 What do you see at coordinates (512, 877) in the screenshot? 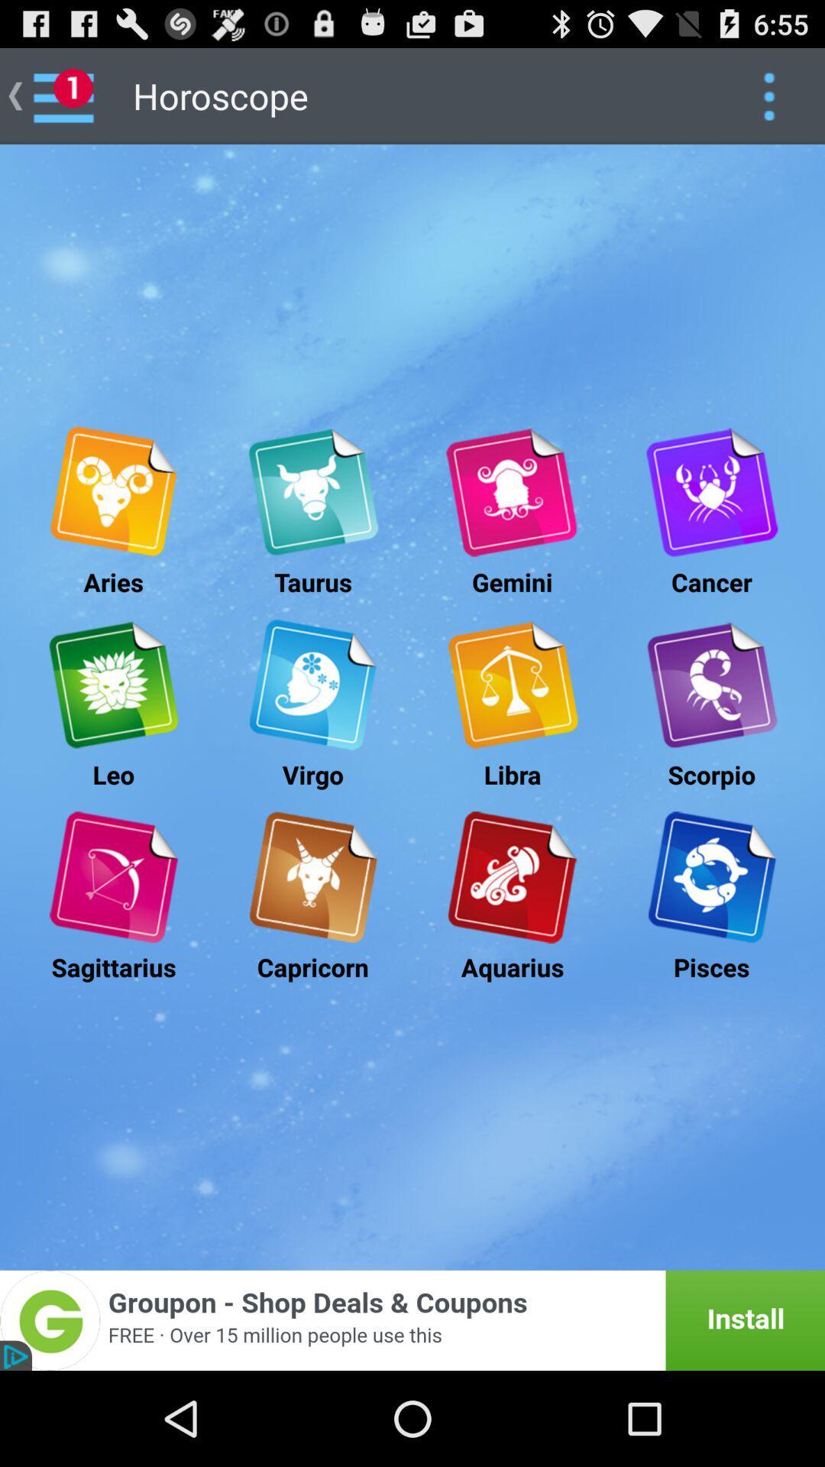
I see `advertisement` at bounding box center [512, 877].